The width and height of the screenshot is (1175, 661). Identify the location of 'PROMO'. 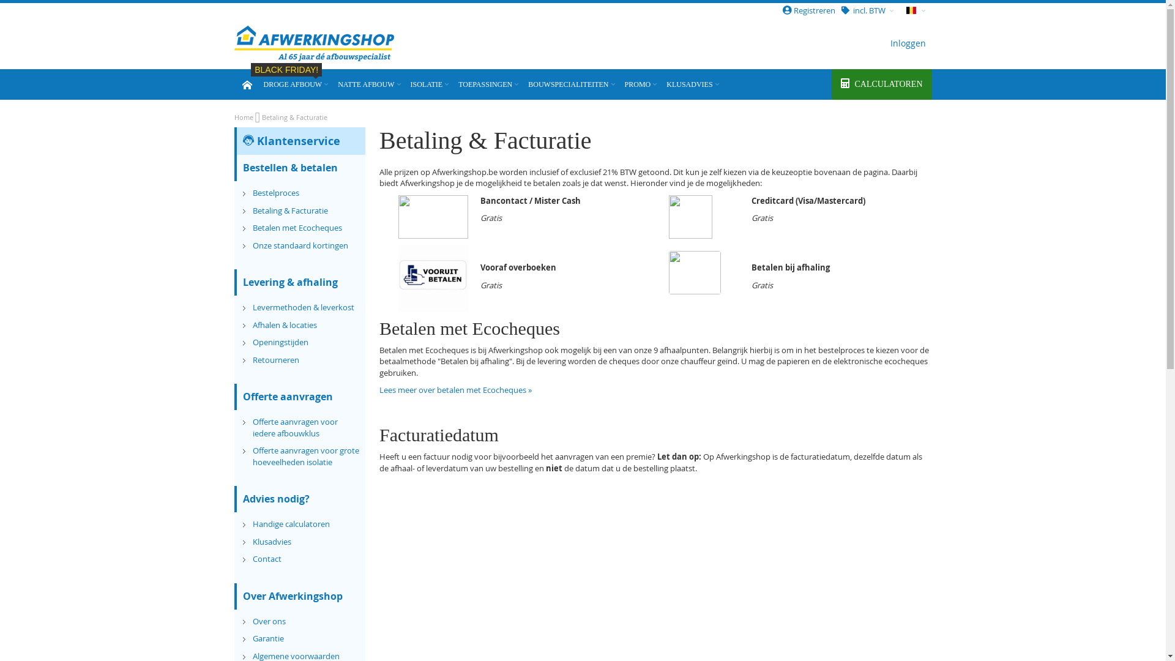
(641, 84).